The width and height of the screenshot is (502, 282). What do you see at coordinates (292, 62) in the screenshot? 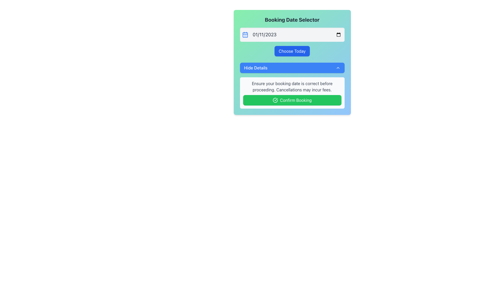
I see `the 'Hide Details' button, which is a blue button with white text and an upward-pointing icon` at bounding box center [292, 62].